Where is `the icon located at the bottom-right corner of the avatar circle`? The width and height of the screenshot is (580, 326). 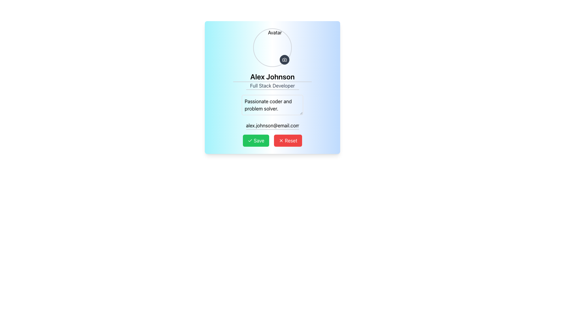 the icon located at the bottom-right corner of the avatar circle is located at coordinates (284, 59).